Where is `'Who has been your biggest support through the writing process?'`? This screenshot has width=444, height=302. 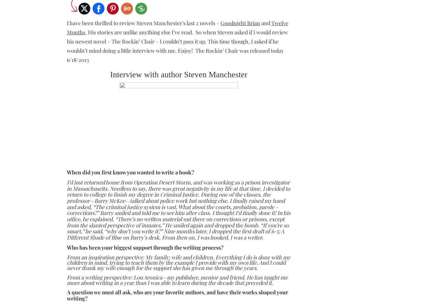
'Who has been your biggest support through the writing process?' is located at coordinates (144, 247).